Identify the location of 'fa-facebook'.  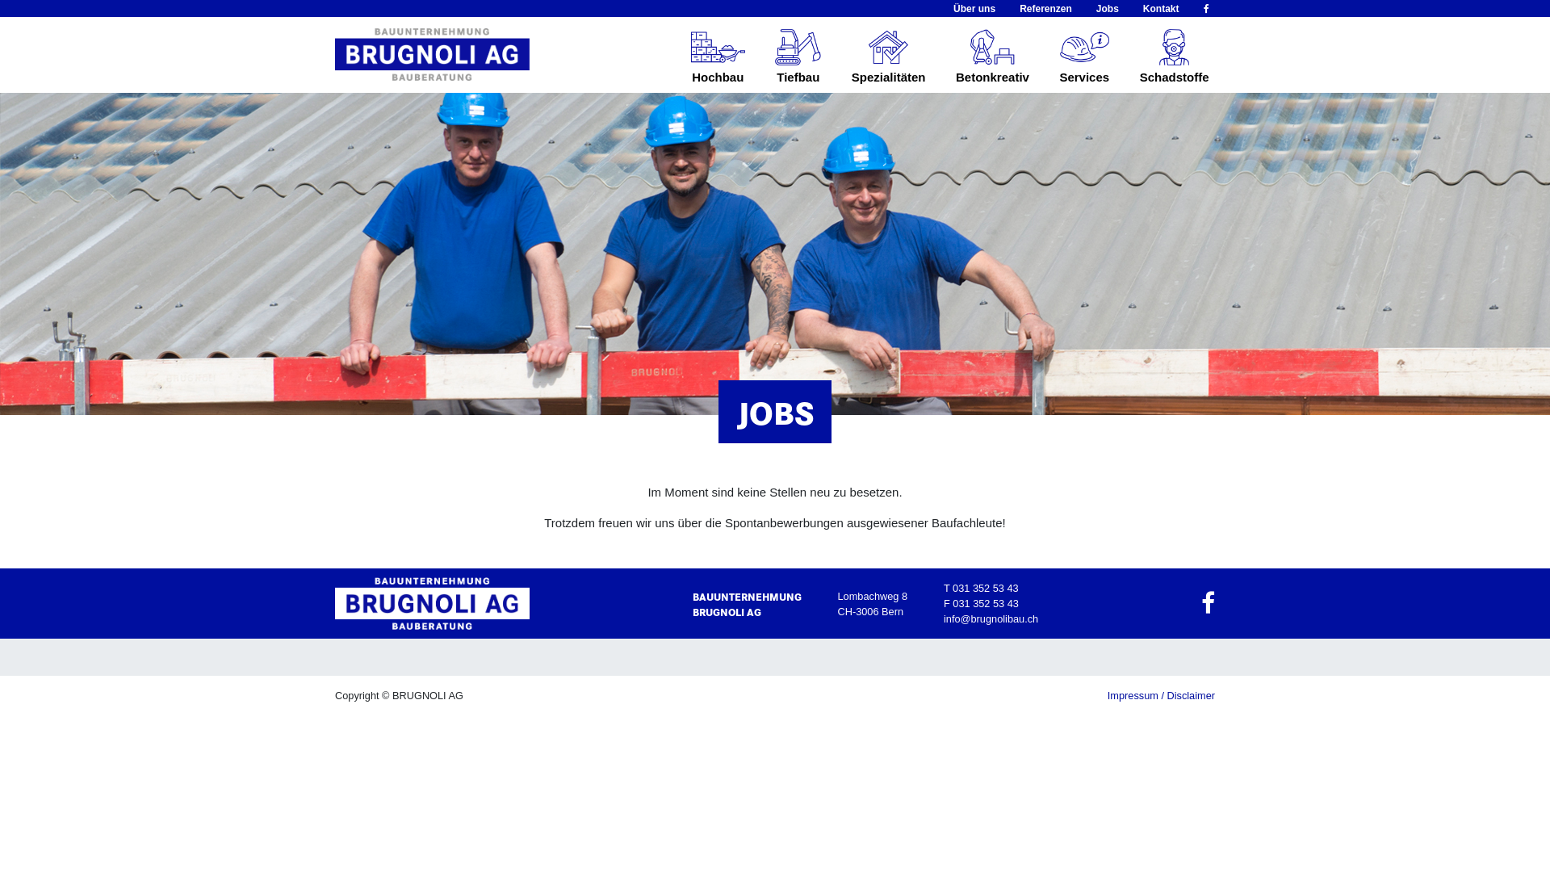
(1204, 8).